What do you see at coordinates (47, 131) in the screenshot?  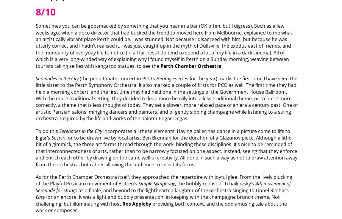 I see `'To do this'` at bounding box center [47, 131].